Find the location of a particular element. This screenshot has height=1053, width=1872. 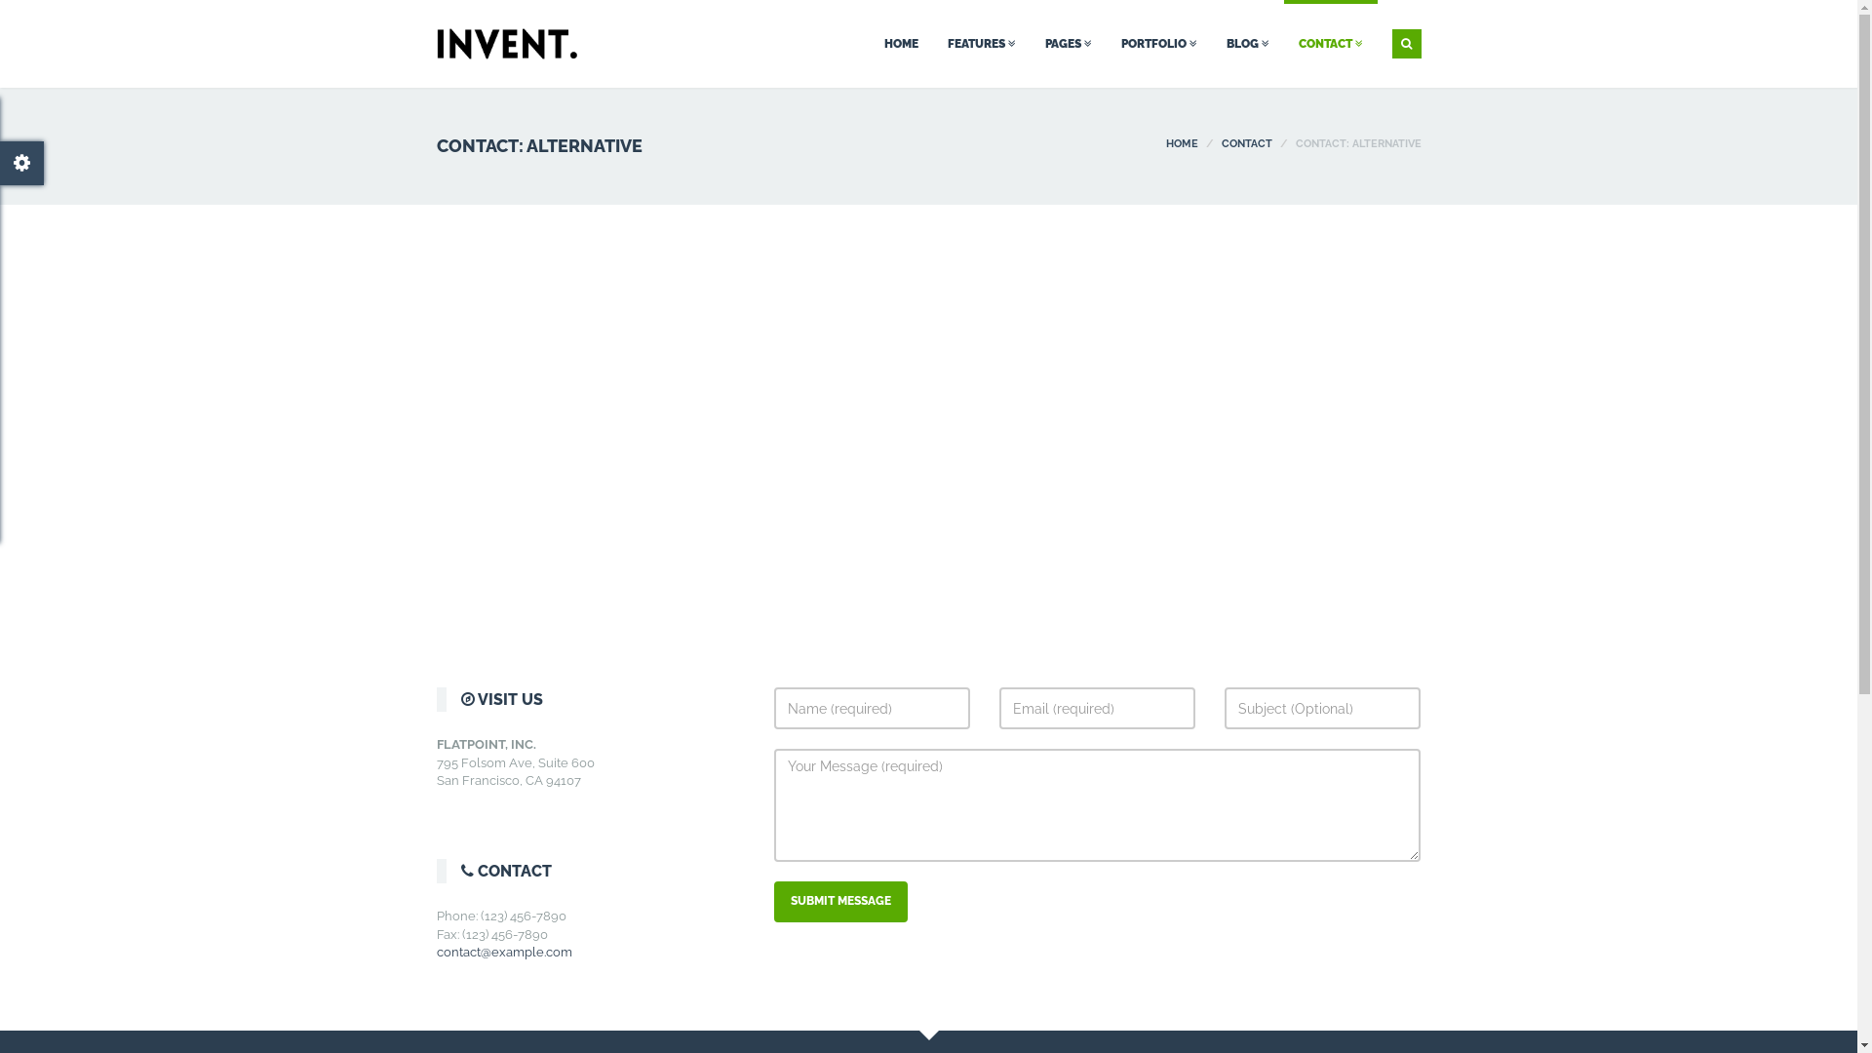

'contact@example.com' is located at coordinates (504, 951).